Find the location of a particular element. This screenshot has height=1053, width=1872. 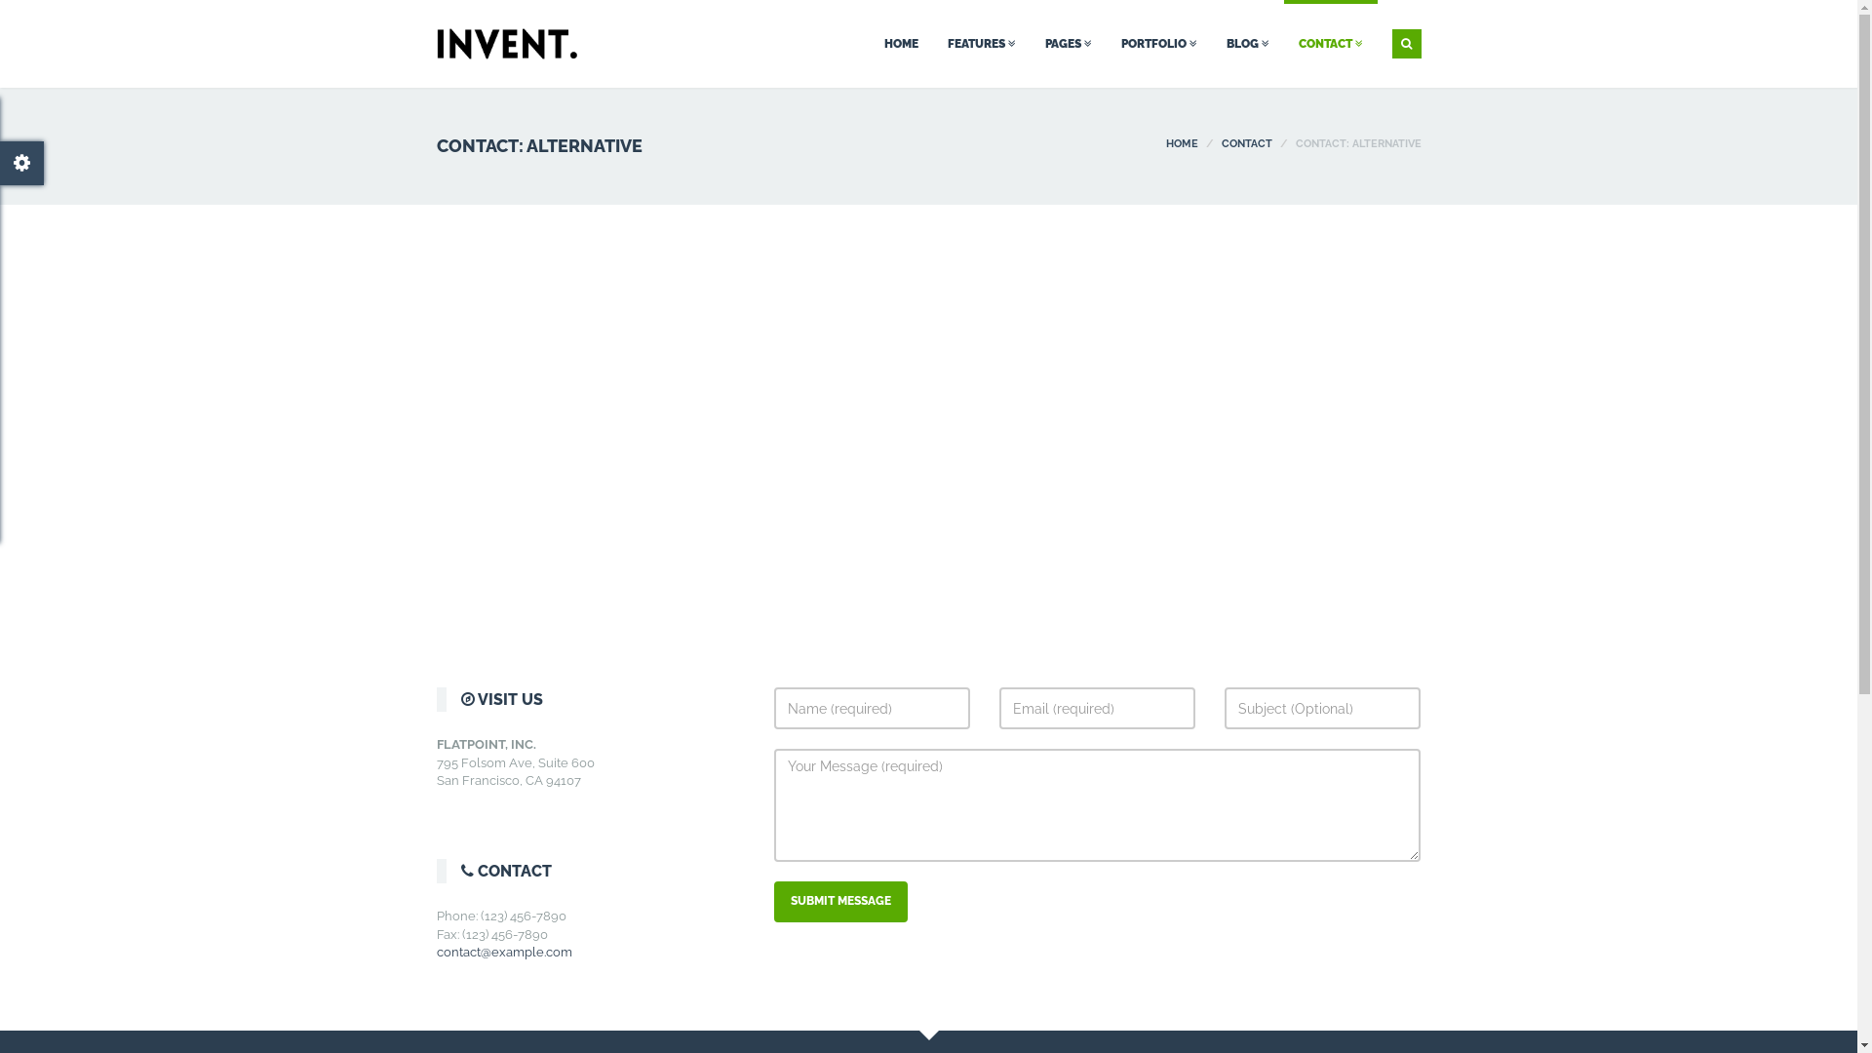

'contact@example.com' is located at coordinates (504, 951).